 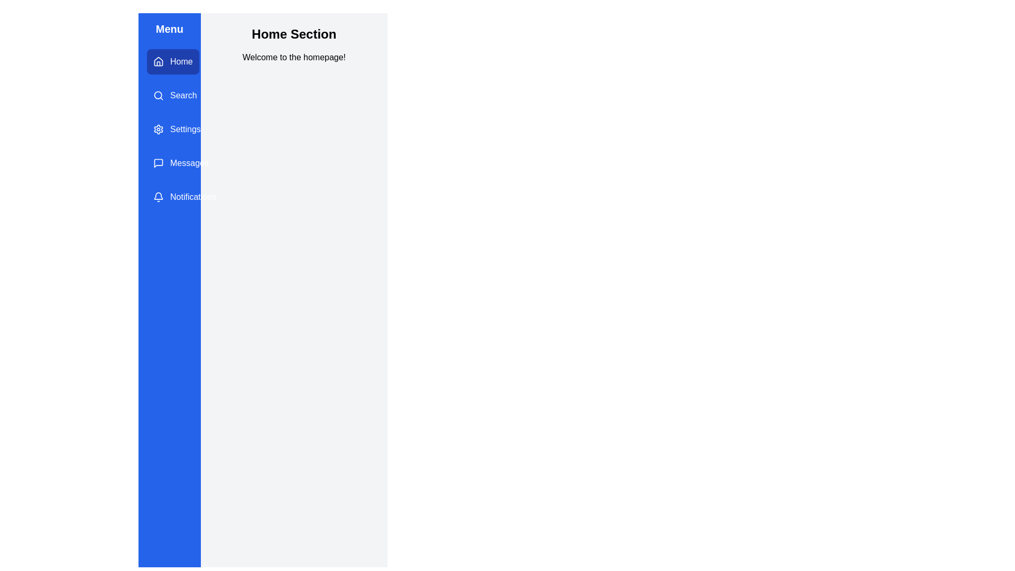 I want to click on the 'Messages' navigation button, so click(x=158, y=163).